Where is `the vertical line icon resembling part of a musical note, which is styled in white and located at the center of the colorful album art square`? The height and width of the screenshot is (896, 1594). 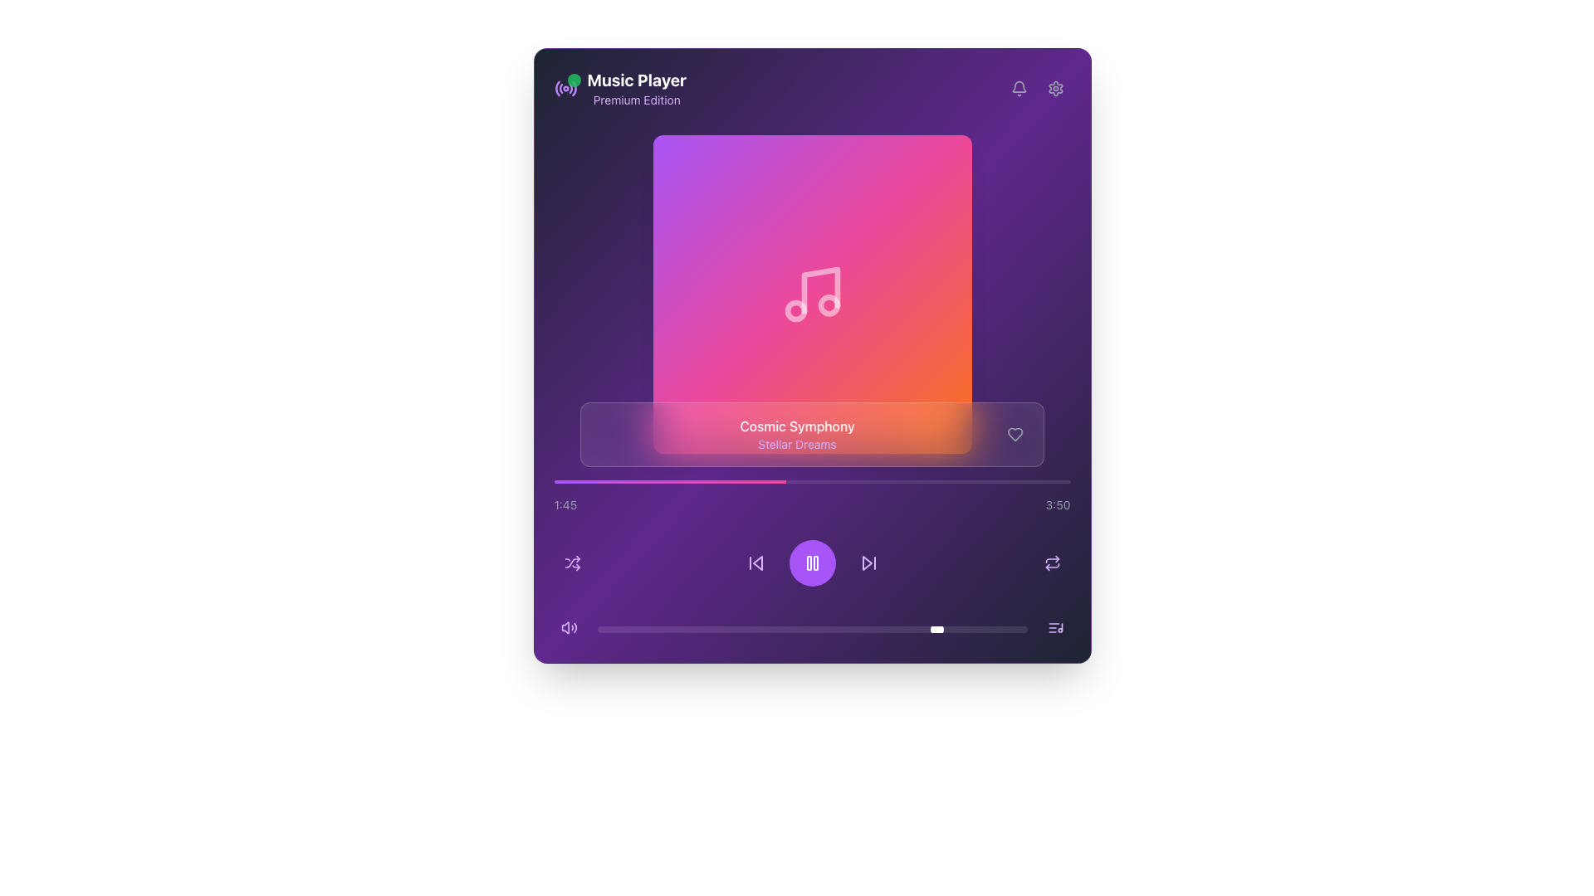 the vertical line icon resembling part of a musical note, which is styled in white and located at the center of the colorful album art square is located at coordinates (820, 290).